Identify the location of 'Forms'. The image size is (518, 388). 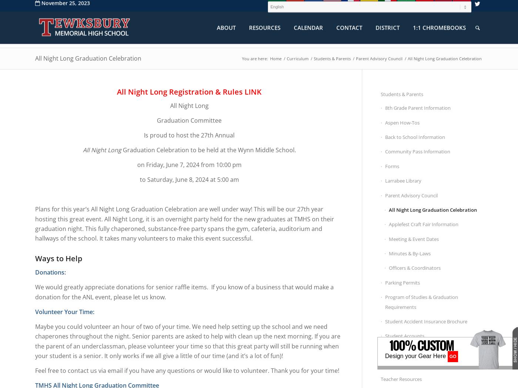
(385, 165).